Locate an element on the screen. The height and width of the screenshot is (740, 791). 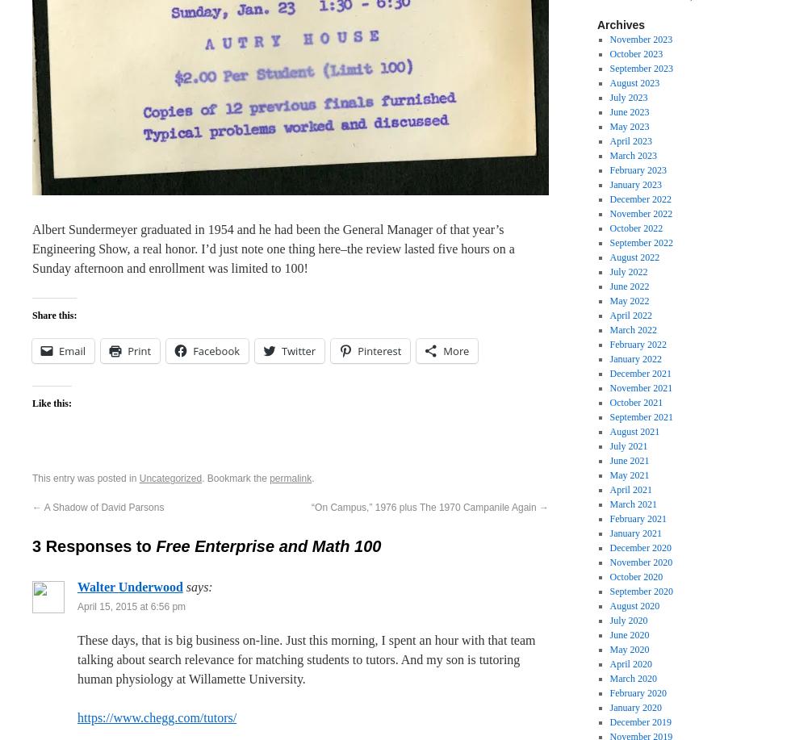
'April 15, 2015 at 6:56 pm' is located at coordinates (131, 606).